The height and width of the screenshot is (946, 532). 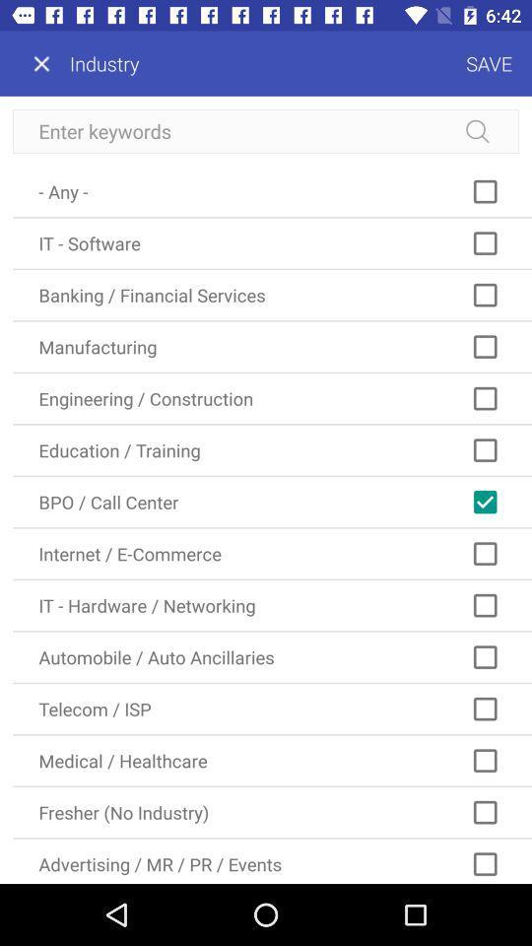 What do you see at coordinates (271, 397) in the screenshot?
I see `engineering / construction` at bounding box center [271, 397].